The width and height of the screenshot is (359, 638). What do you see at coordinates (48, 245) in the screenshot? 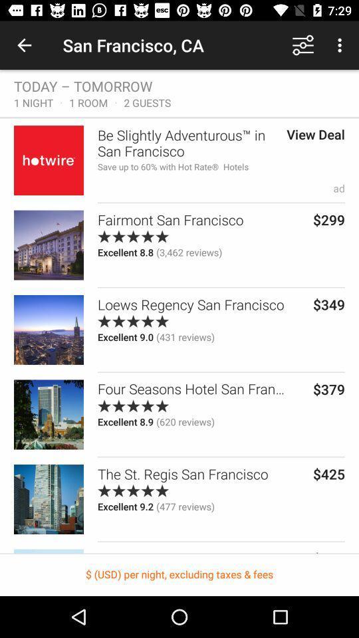
I see `the second image from top` at bounding box center [48, 245].